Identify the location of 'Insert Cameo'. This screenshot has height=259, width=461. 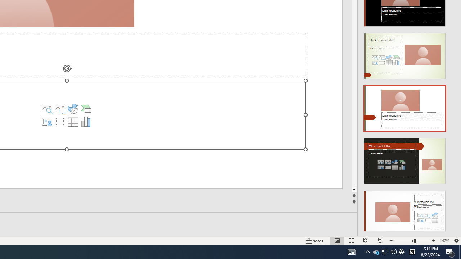
(47, 121).